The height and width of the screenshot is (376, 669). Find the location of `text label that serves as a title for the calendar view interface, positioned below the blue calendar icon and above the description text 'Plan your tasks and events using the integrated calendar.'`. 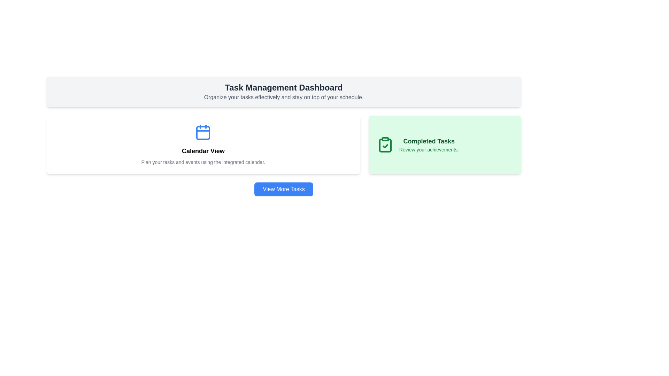

text label that serves as a title for the calendar view interface, positioned below the blue calendar icon and above the description text 'Plan your tasks and events using the integrated calendar.' is located at coordinates (203, 151).